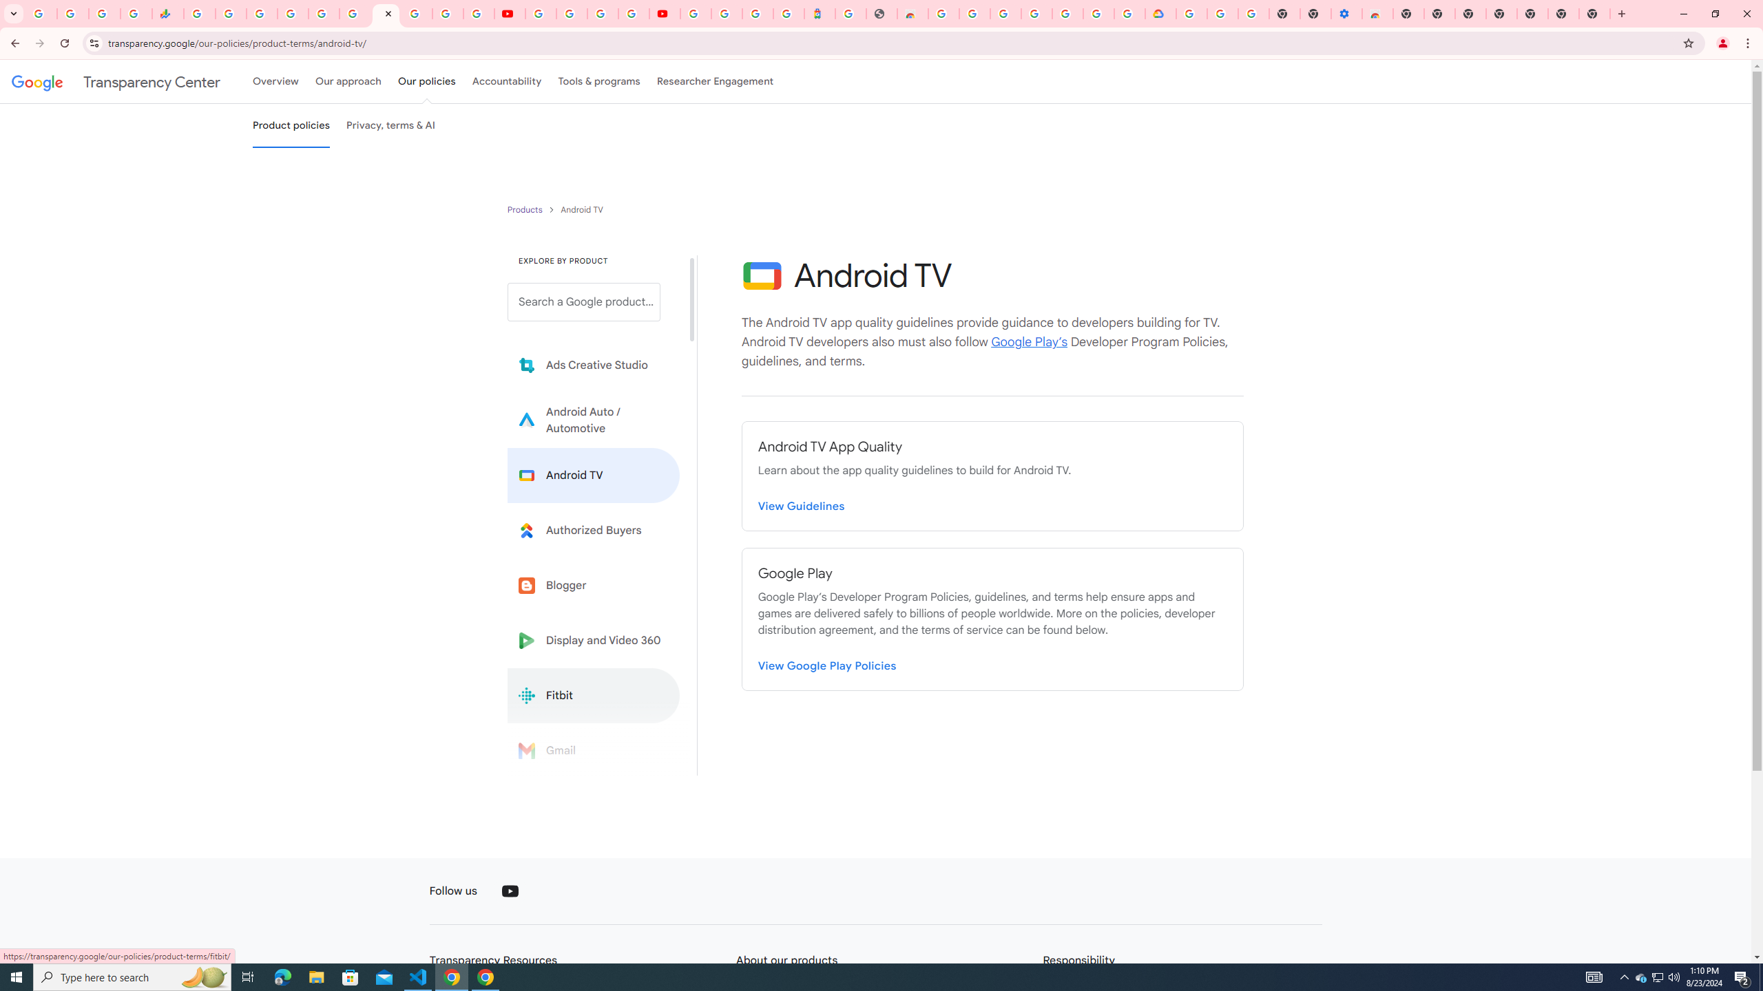 This screenshot has width=1763, height=991. I want to click on 'Learn more about Android TV', so click(593, 475).